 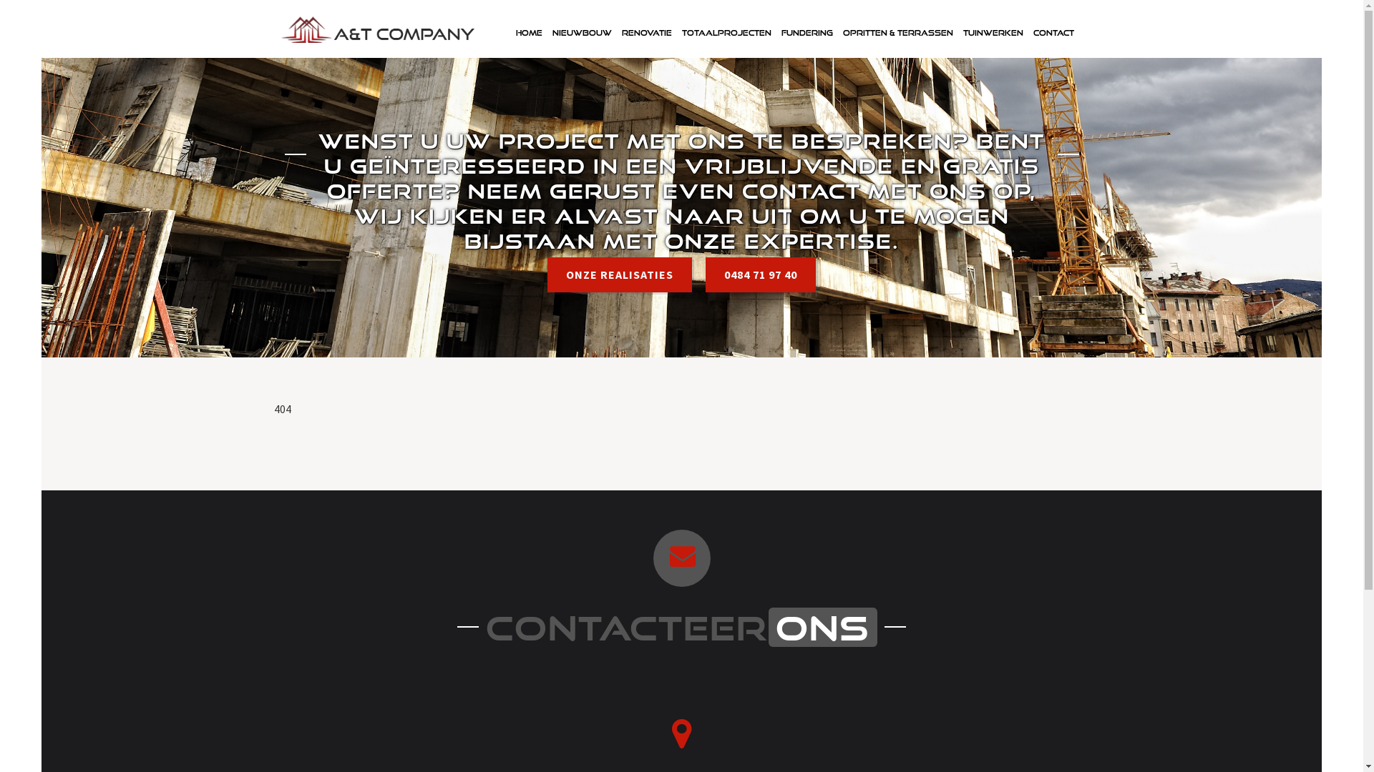 What do you see at coordinates (705, 274) in the screenshot?
I see `'0484 71 97 40'` at bounding box center [705, 274].